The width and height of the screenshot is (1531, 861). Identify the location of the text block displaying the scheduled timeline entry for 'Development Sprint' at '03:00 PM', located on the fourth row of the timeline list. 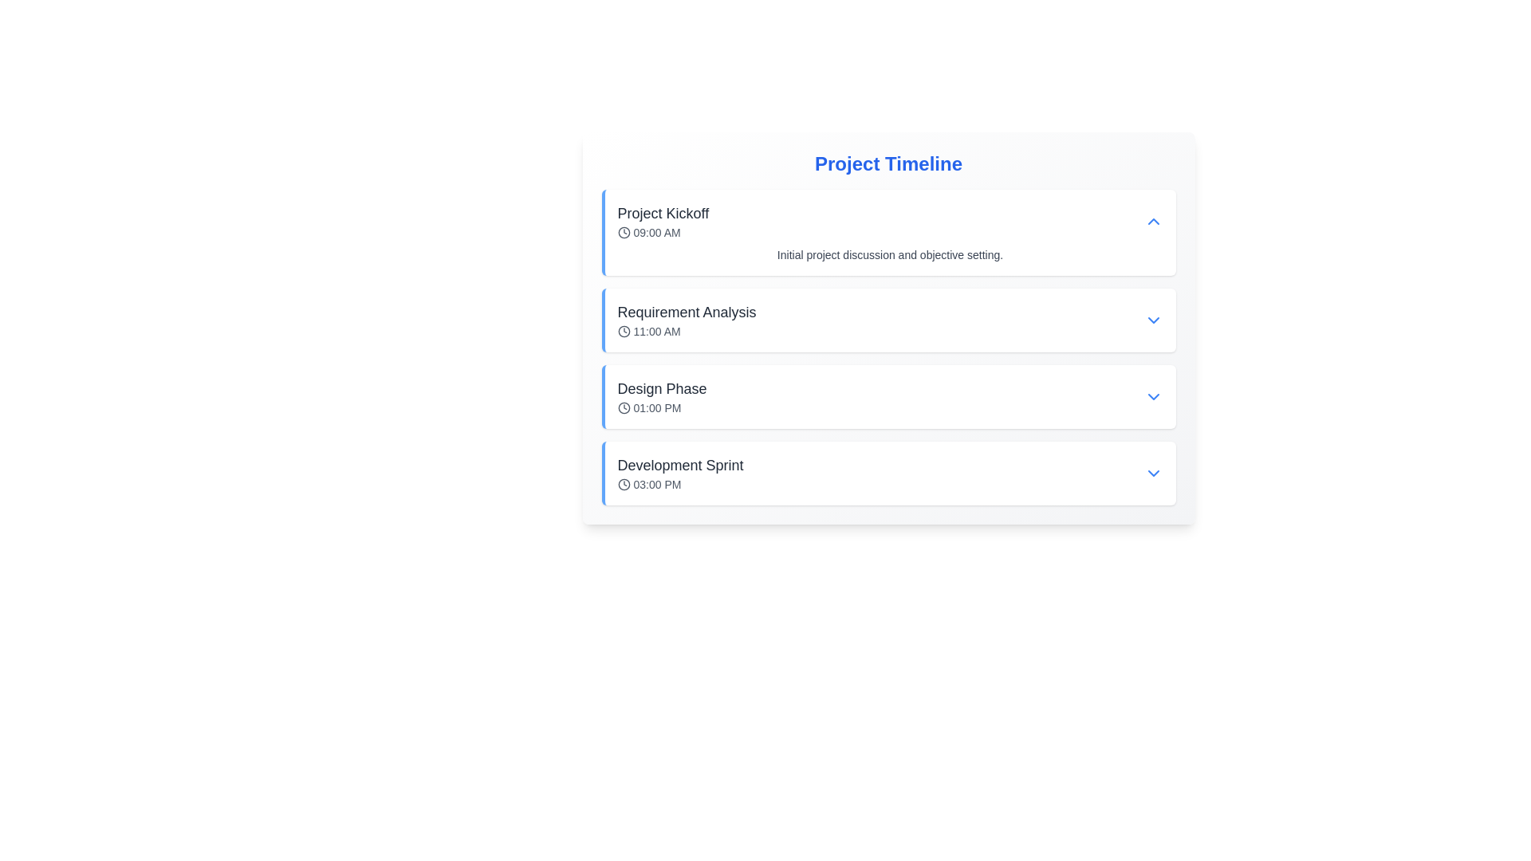
(680, 473).